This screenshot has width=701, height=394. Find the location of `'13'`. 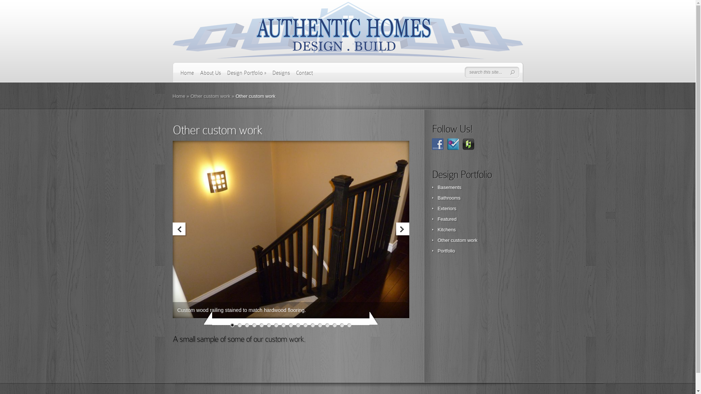

'13' is located at coordinates (320, 325).